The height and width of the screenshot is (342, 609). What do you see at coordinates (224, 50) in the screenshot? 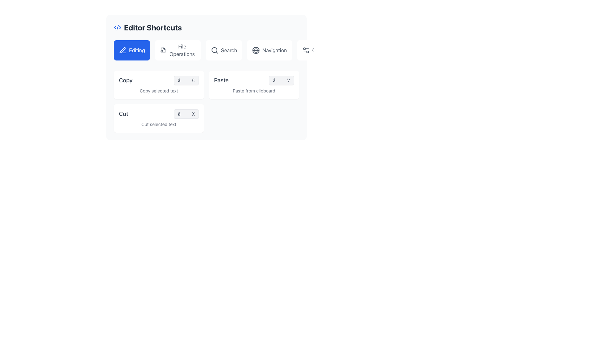
I see `the 'Search' button which consists of a magnifying glass icon and the text 'Search', located in the center of the navigation bar, third from the left` at bounding box center [224, 50].